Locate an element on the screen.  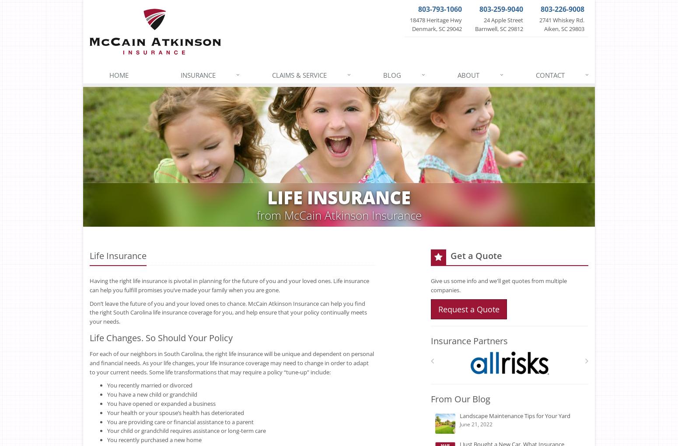
'You recently married or divorced' is located at coordinates (149, 385).